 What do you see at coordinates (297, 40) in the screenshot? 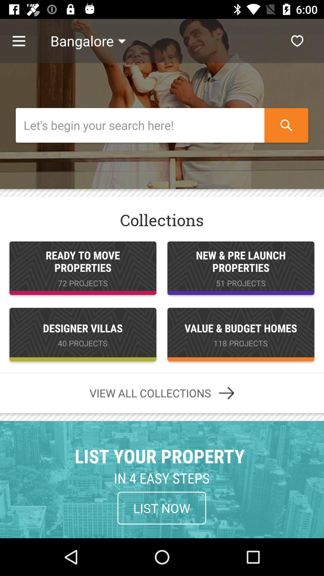
I see `to favorites` at bounding box center [297, 40].